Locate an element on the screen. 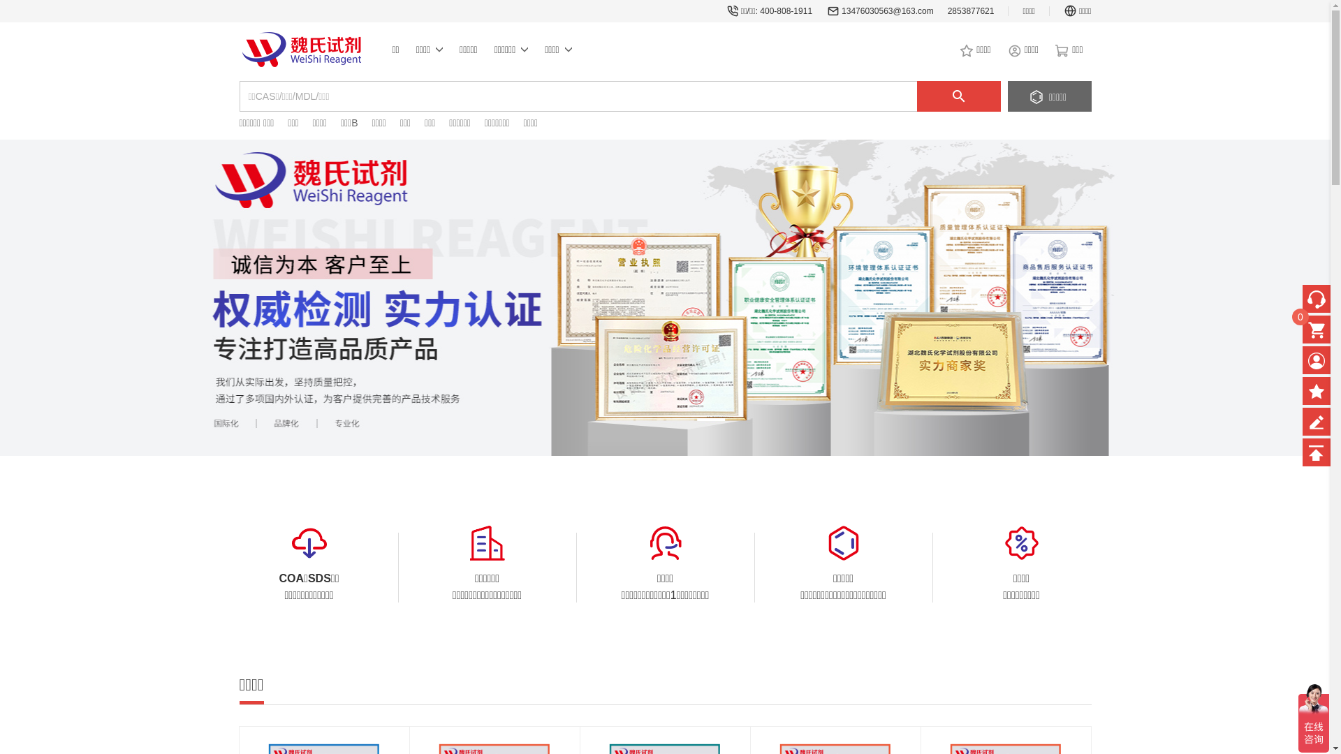 This screenshot has width=1341, height=754. '13476030563@163.com' is located at coordinates (887, 10).